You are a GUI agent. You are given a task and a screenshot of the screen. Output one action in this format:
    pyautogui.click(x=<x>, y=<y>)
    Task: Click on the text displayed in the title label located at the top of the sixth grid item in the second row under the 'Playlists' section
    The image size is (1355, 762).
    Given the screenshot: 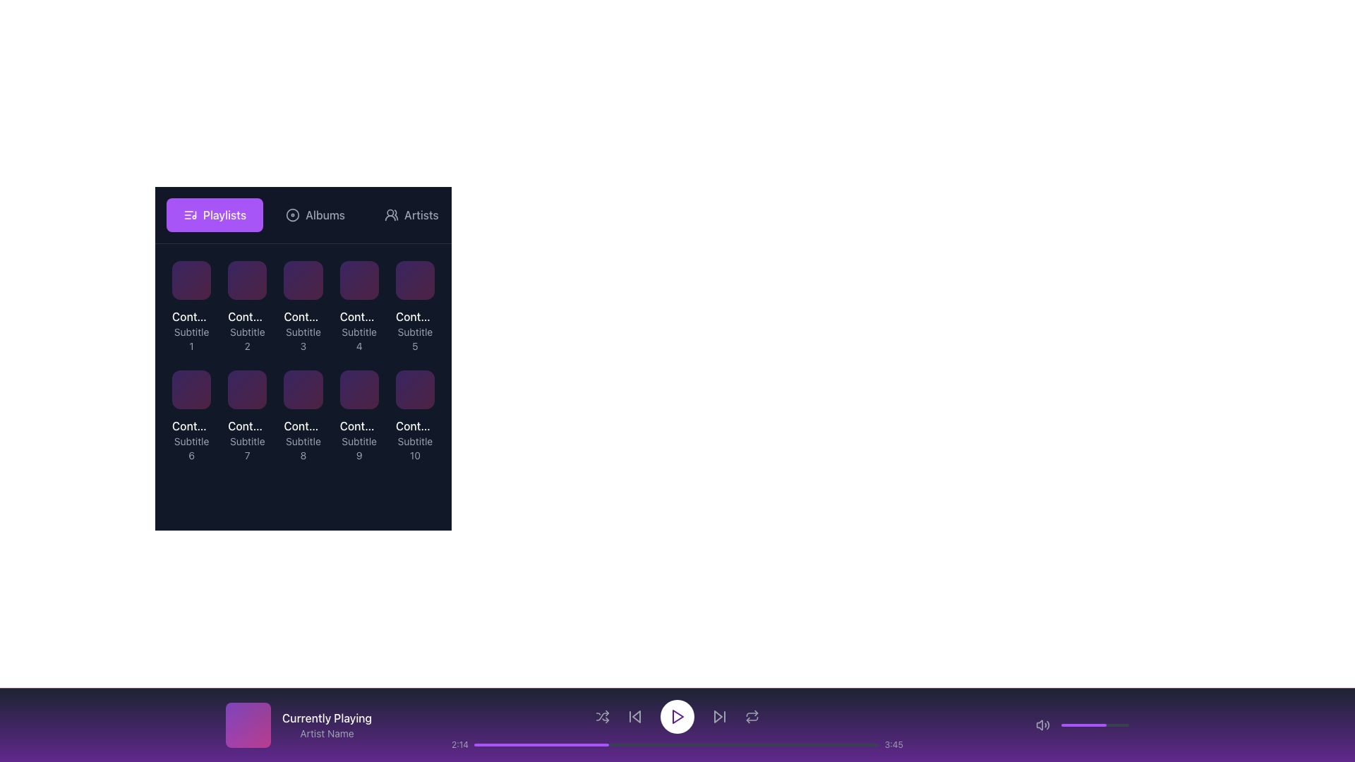 What is the action you would take?
    pyautogui.click(x=191, y=425)
    